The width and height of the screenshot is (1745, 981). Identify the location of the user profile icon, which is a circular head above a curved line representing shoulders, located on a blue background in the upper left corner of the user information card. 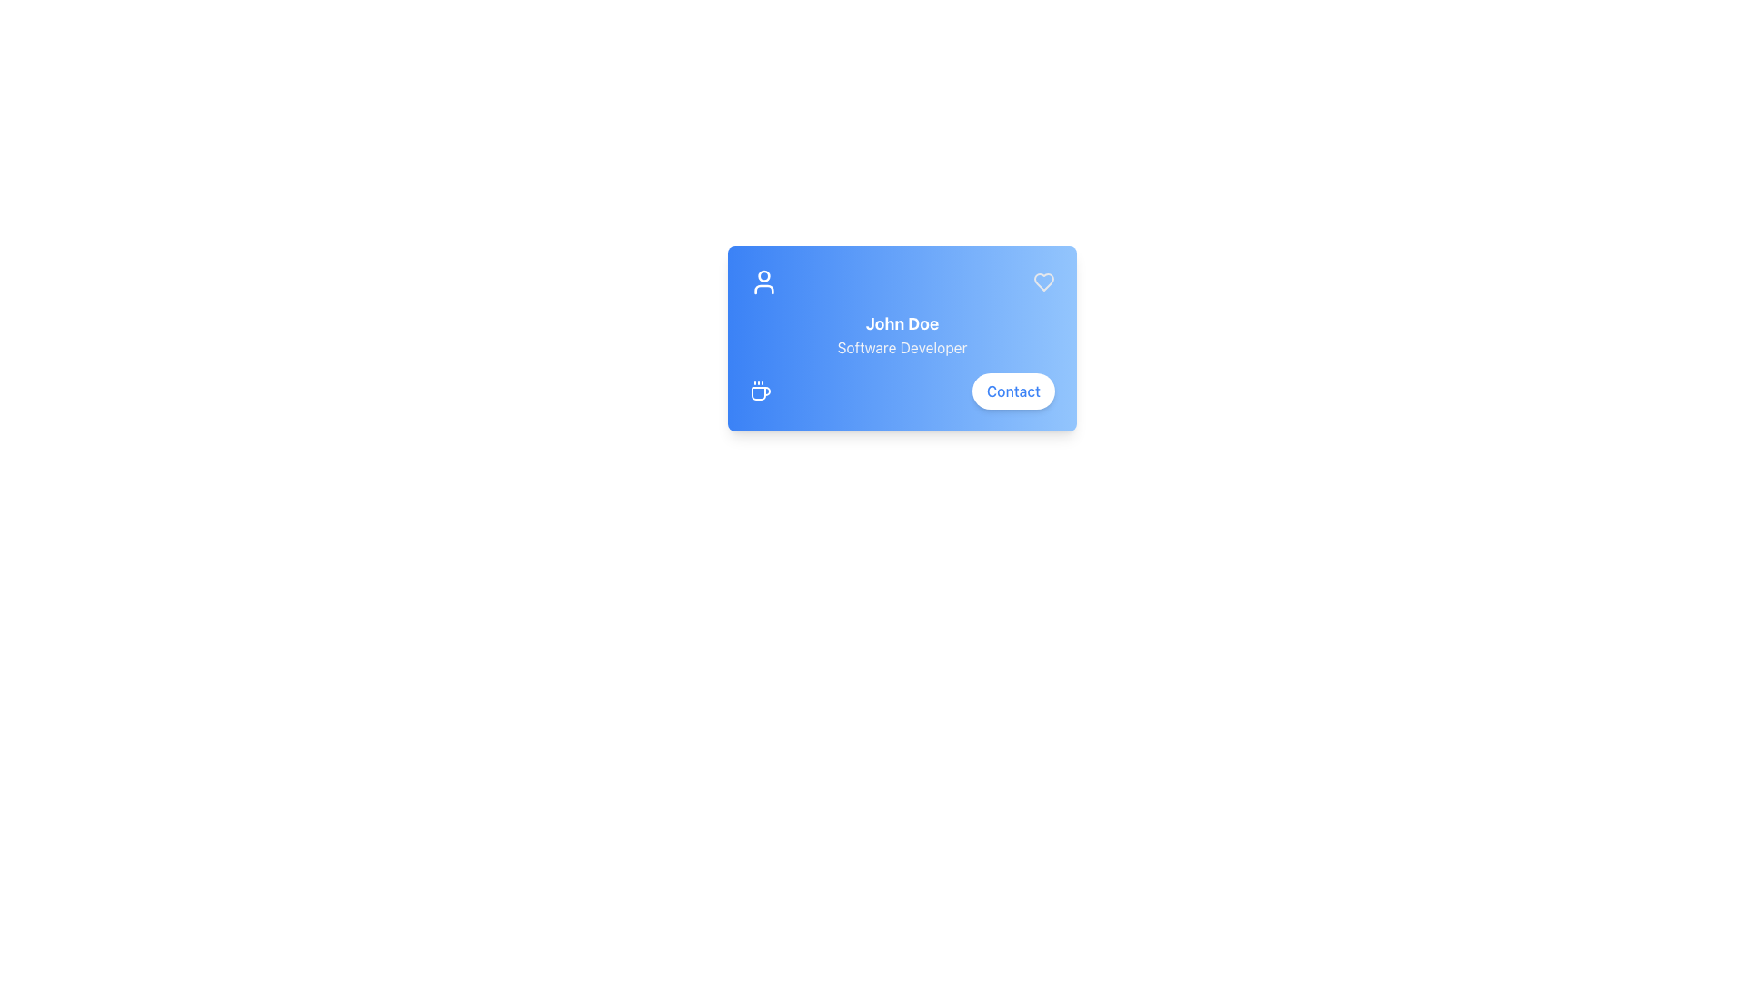
(763, 282).